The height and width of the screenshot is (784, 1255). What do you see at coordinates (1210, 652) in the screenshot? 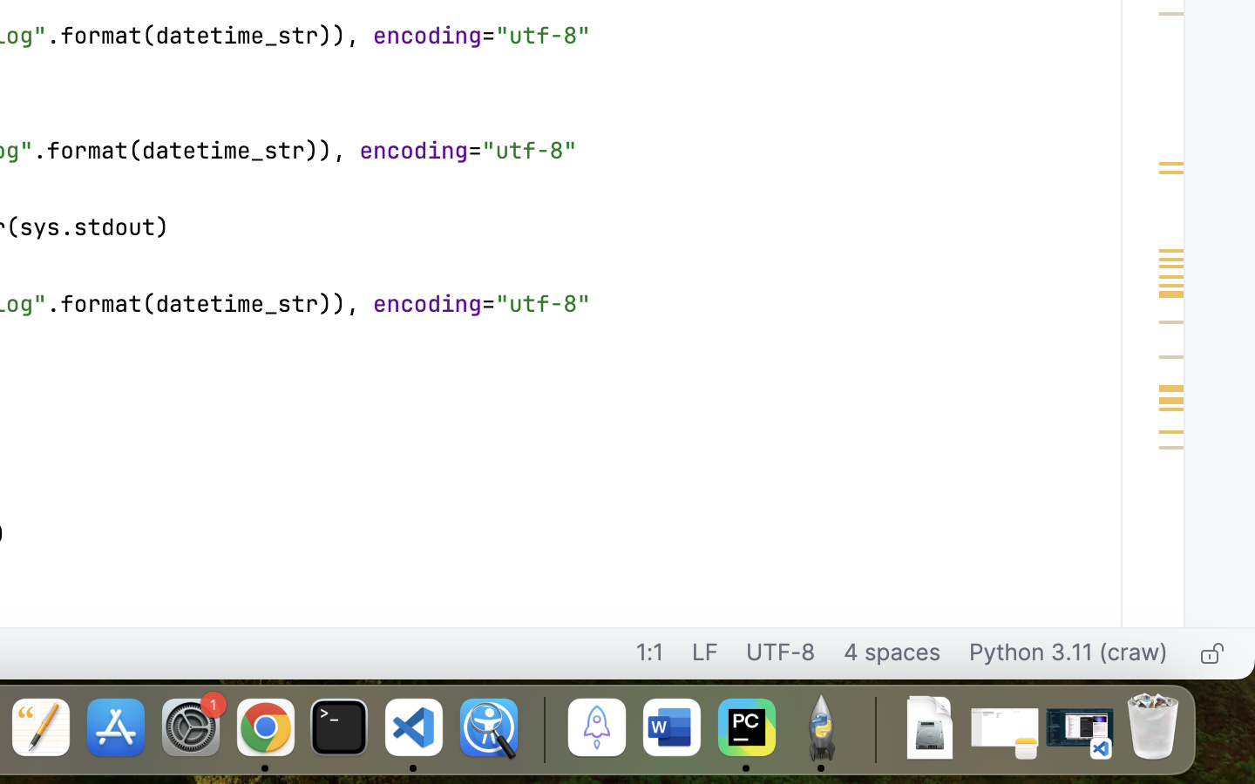
I see `'Make file read-only'` at bounding box center [1210, 652].